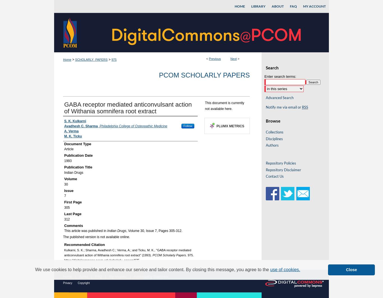  Describe the element at coordinates (111, 59) in the screenshot. I see `'975'` at that location.